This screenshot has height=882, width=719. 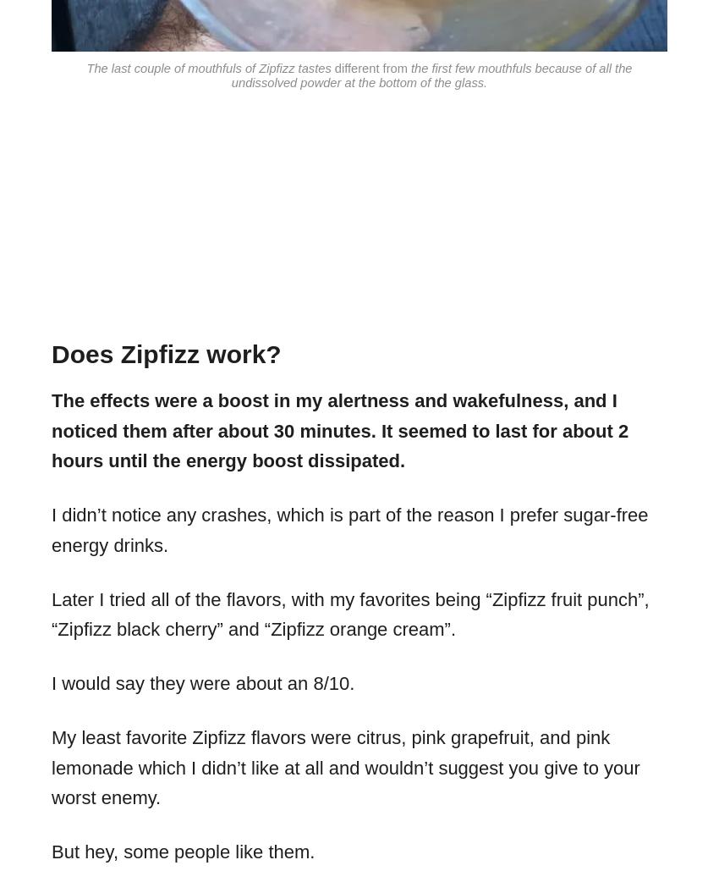 I want to click on 'Does Zipfizz work?', so click(x=165, y=353).